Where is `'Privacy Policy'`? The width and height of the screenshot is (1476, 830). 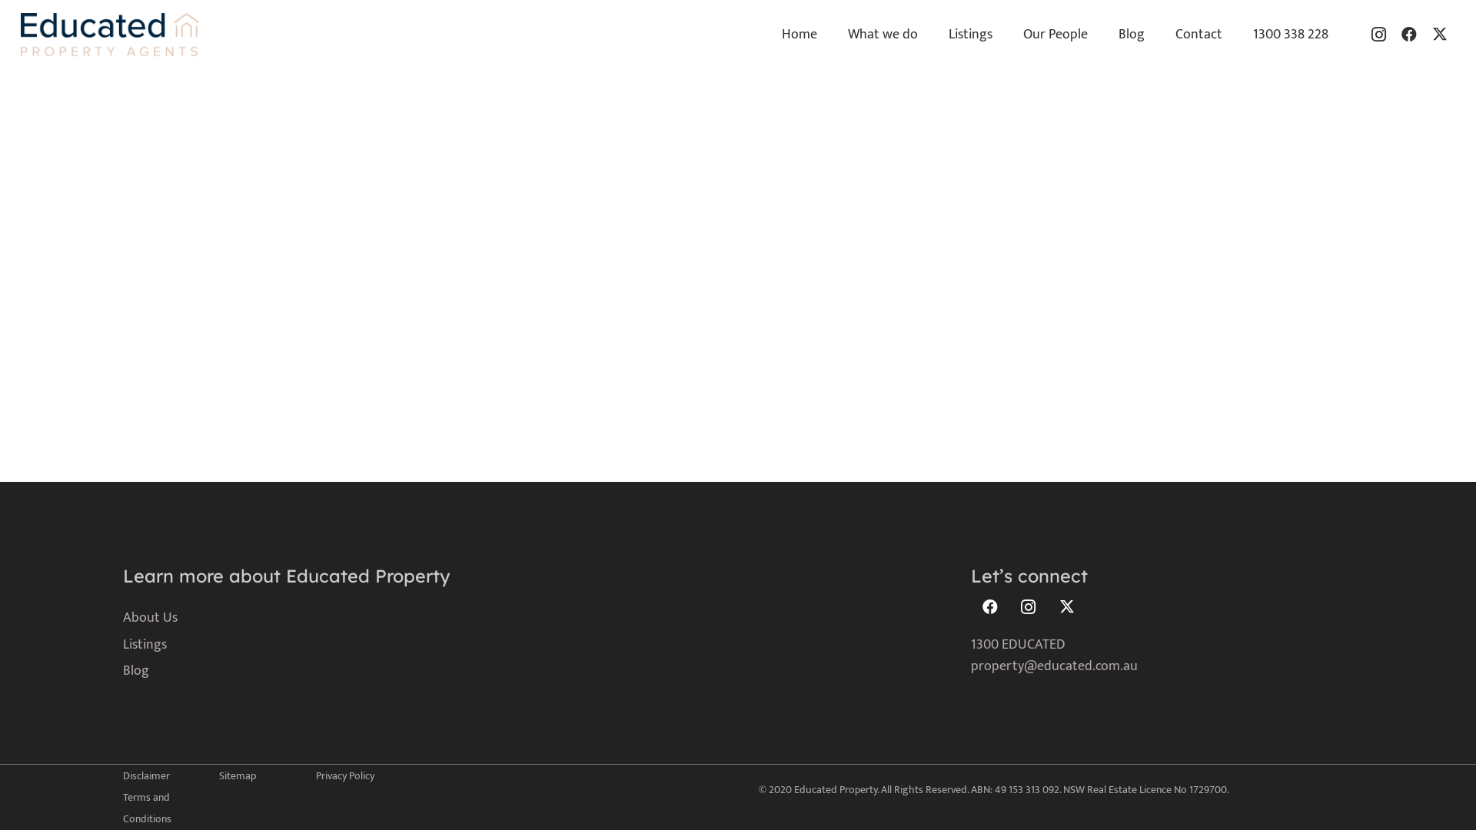 'Privacy Policy' is located at coordinates (343, 775).